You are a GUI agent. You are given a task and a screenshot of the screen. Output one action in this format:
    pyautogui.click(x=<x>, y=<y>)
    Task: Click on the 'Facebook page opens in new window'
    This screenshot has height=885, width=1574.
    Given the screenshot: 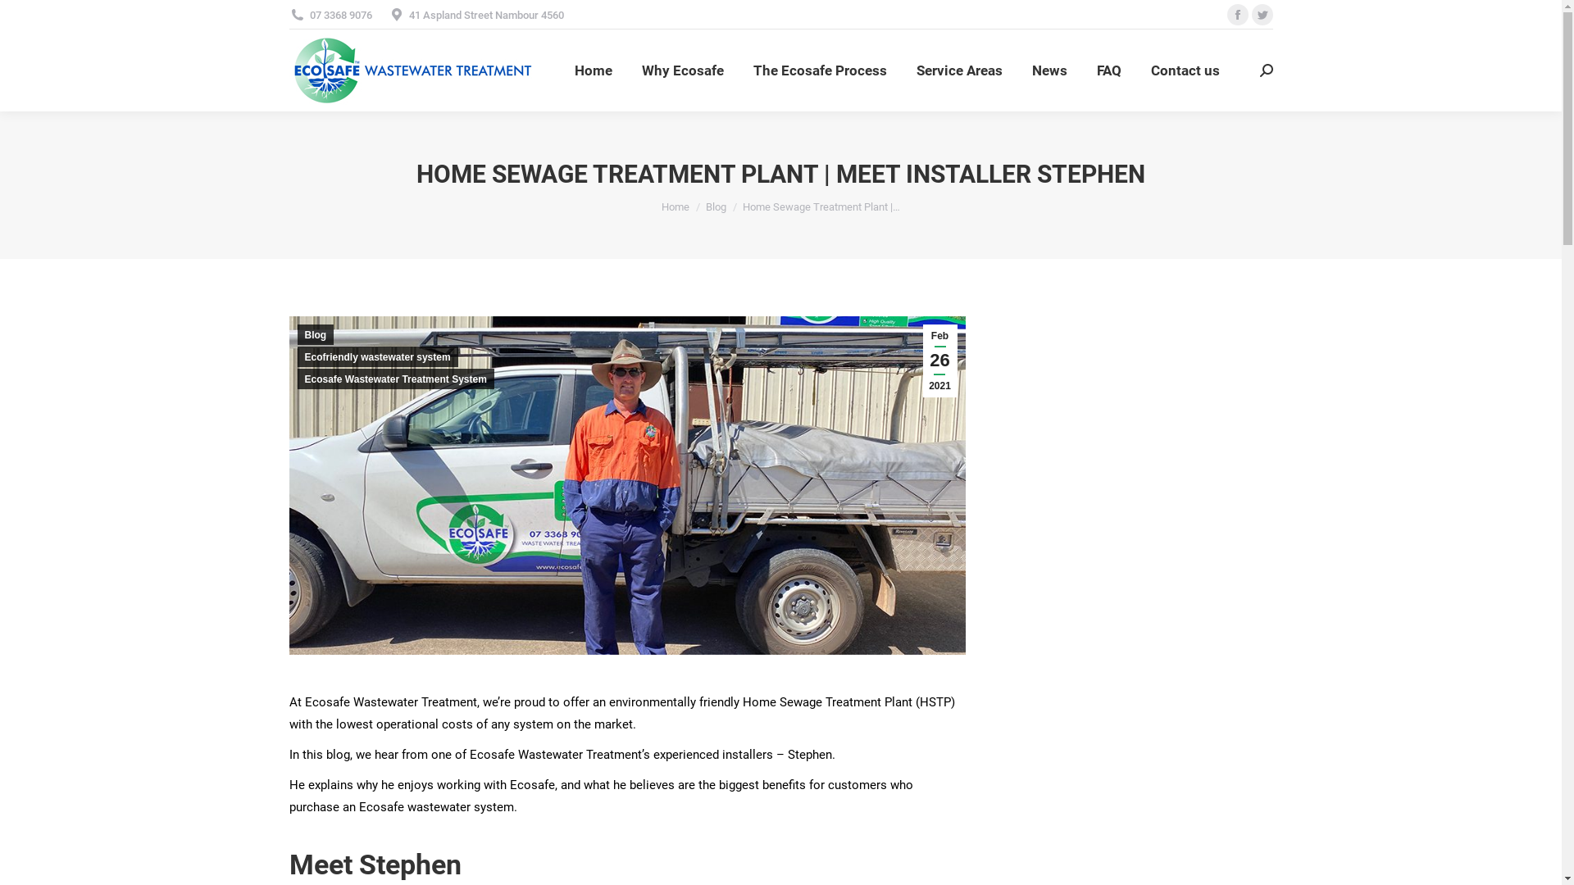 What is the action you would take?
    pyautogui.click(x=1236, y=15)
    